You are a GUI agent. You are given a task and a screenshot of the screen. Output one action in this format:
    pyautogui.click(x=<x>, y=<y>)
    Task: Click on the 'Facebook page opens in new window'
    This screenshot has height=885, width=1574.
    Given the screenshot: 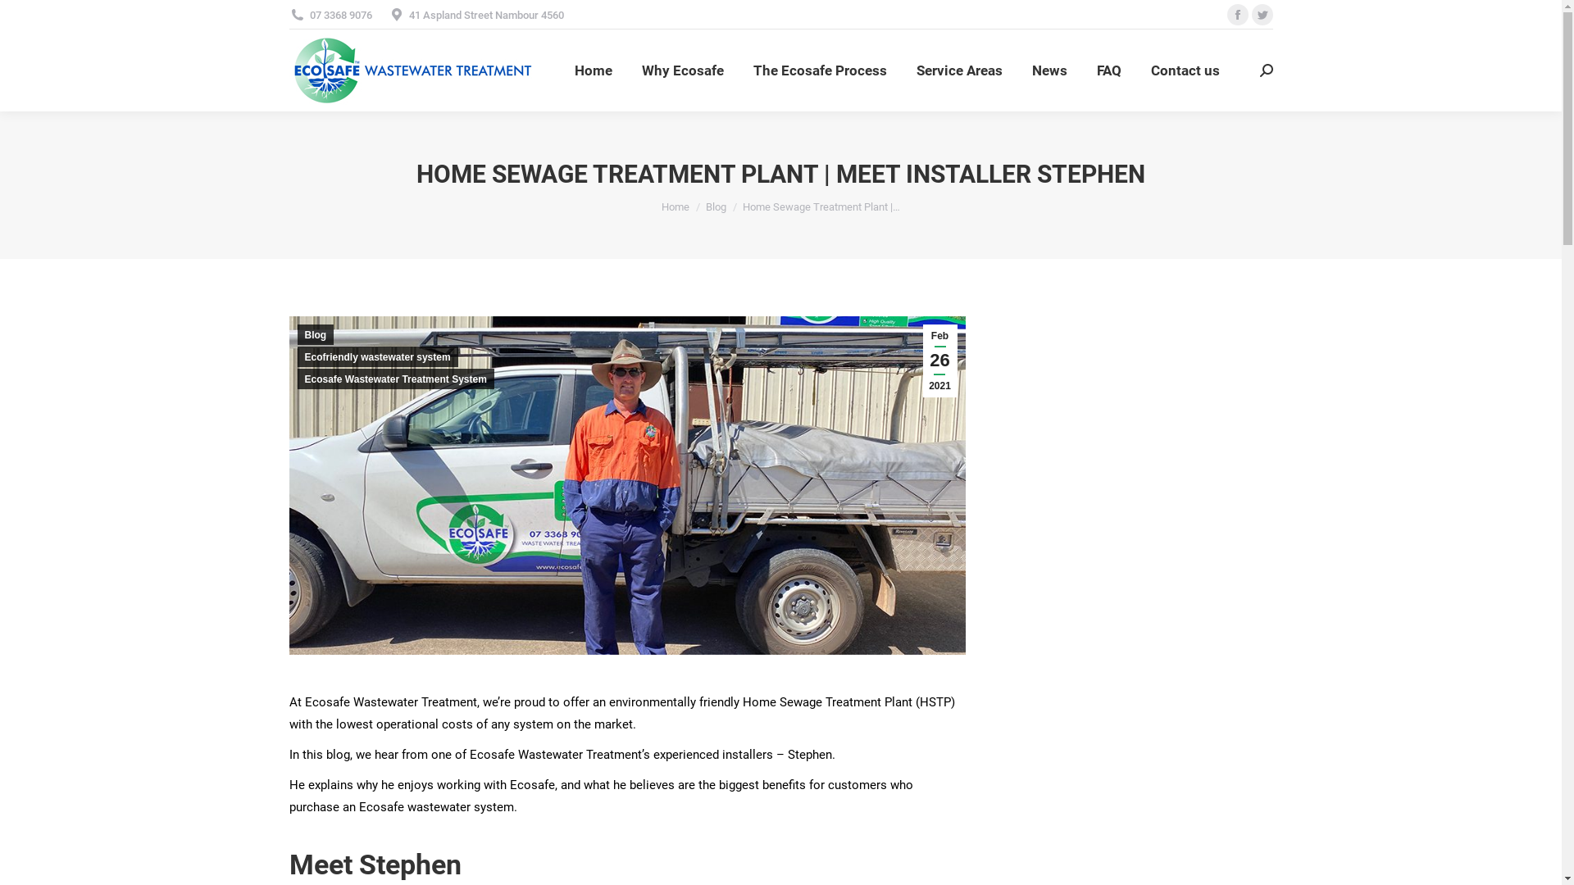 What is the action you would take?
    pyautogui.click(x=1236, y=15)
    